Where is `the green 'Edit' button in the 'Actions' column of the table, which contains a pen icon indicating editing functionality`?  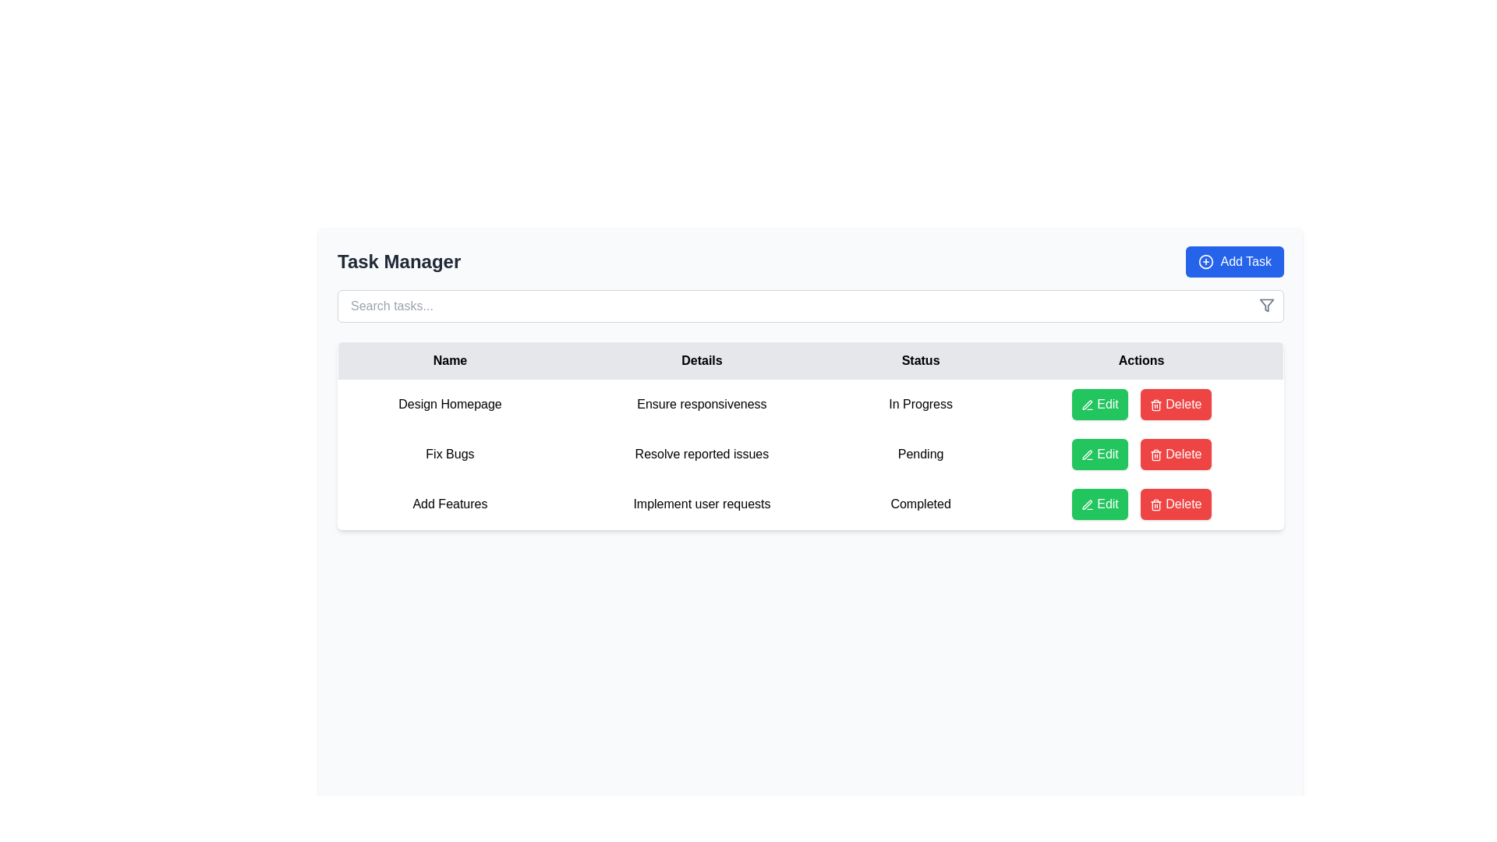
the green 'Edit' button in the 'Actions' column of the table, which contains a pen icon indicating editing functionality is located at coordinates (1086, 504).